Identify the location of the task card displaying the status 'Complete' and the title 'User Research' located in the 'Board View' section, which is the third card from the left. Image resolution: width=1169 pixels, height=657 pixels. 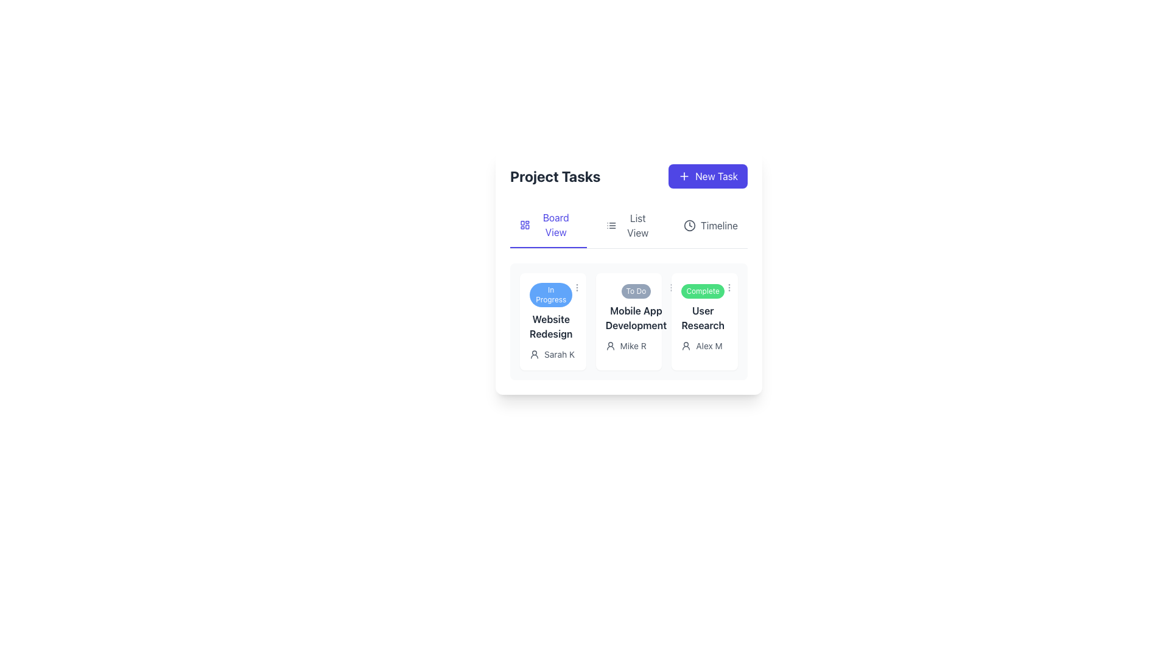
(704, 307).